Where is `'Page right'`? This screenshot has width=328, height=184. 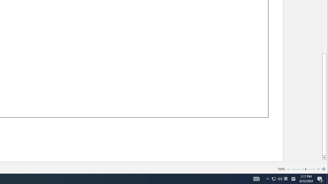
'Page right' is located at coordinates (311, 169).